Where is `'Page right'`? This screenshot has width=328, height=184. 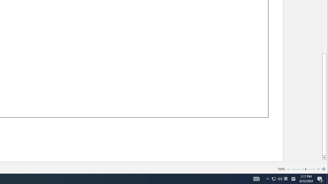
'Page right' is located at coordinates (311, 169).